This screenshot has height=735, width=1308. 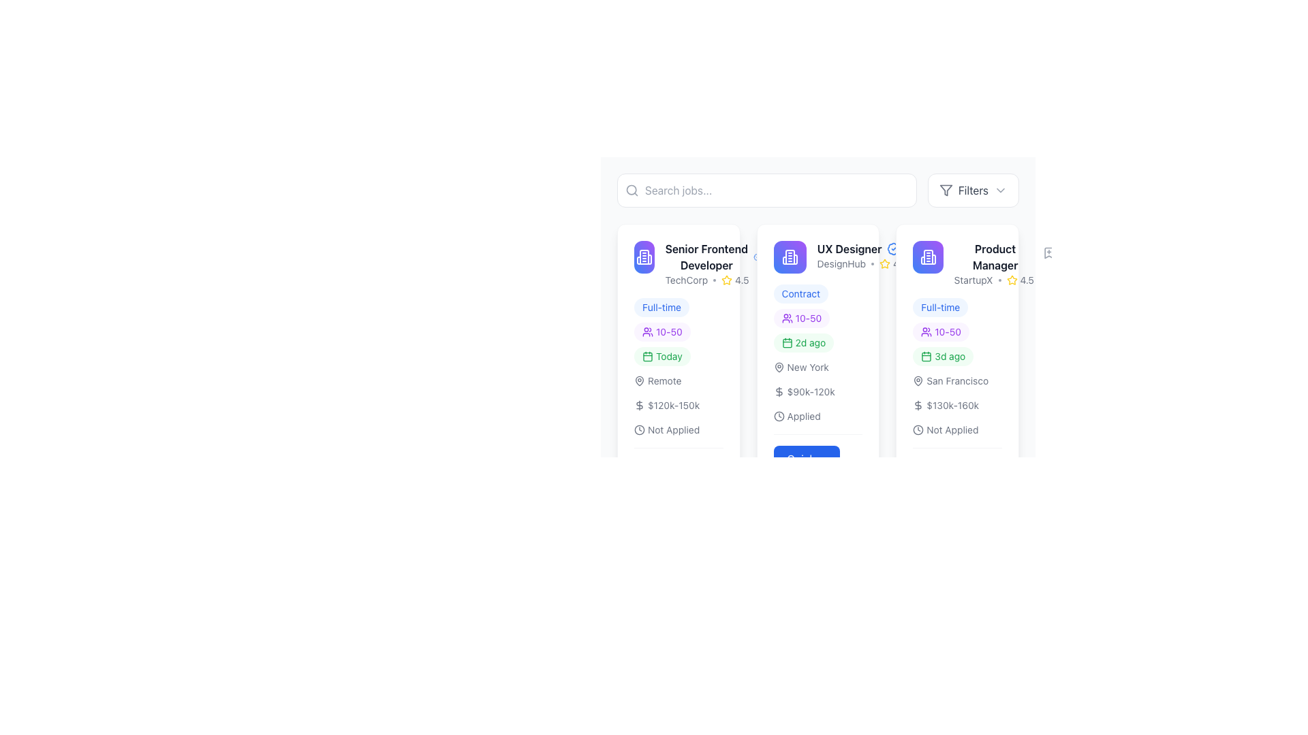 What do you see at coordinates (801, 318) in the screenshot?
I see `the small rectangular badge element with rounded corners, light purple background, and purple text '10-50', which includes an icon of a group of people to the left of the text` at bounding box center [801, 318].